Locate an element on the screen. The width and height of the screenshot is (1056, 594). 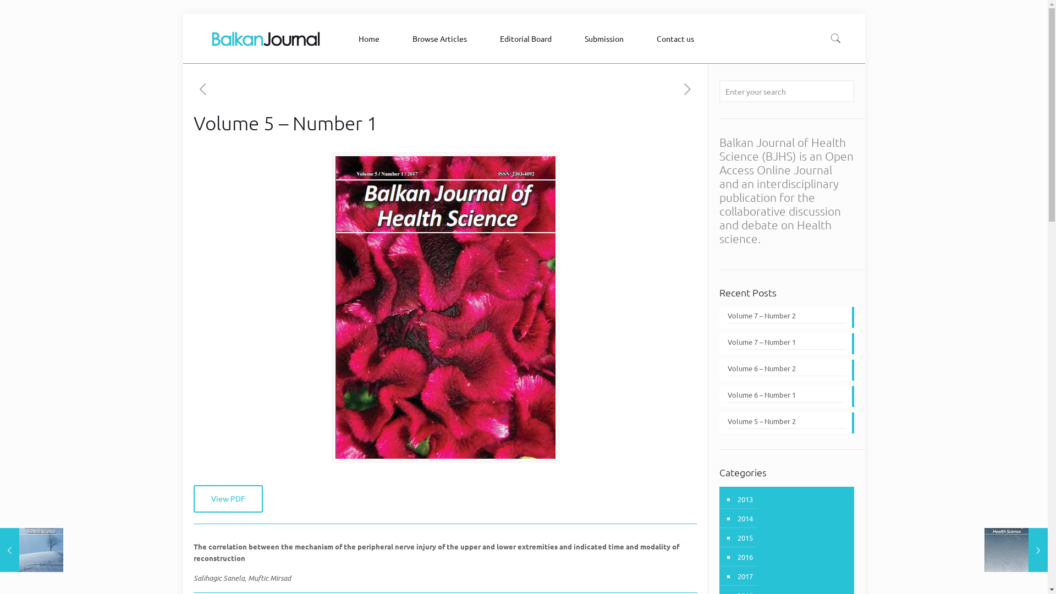
'View PDF' is located at coordinates (193, 498).